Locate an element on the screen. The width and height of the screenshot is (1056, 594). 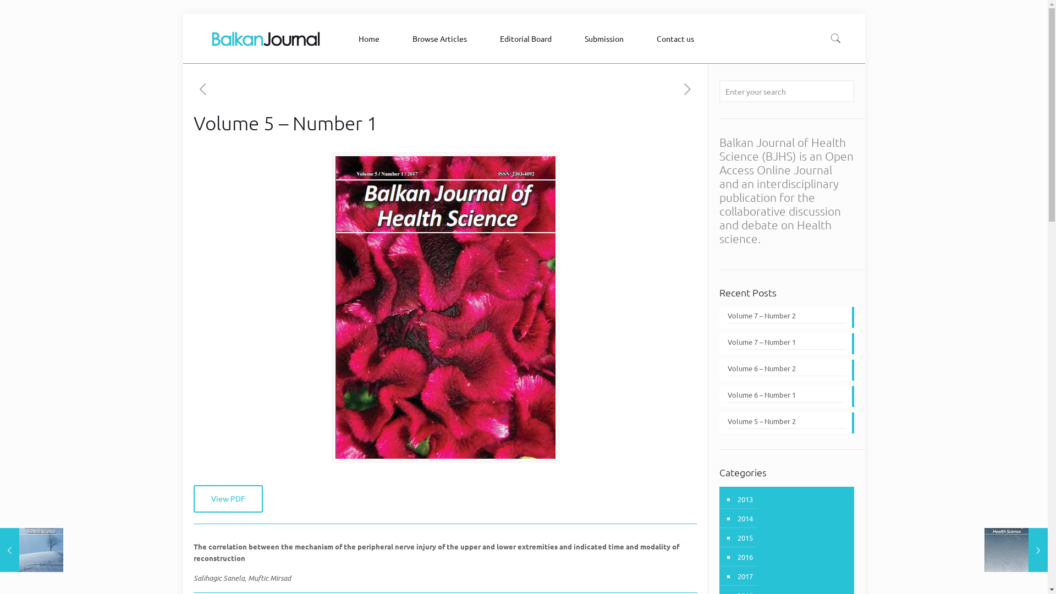
'View PDF' is located at coordinates (193, 498).